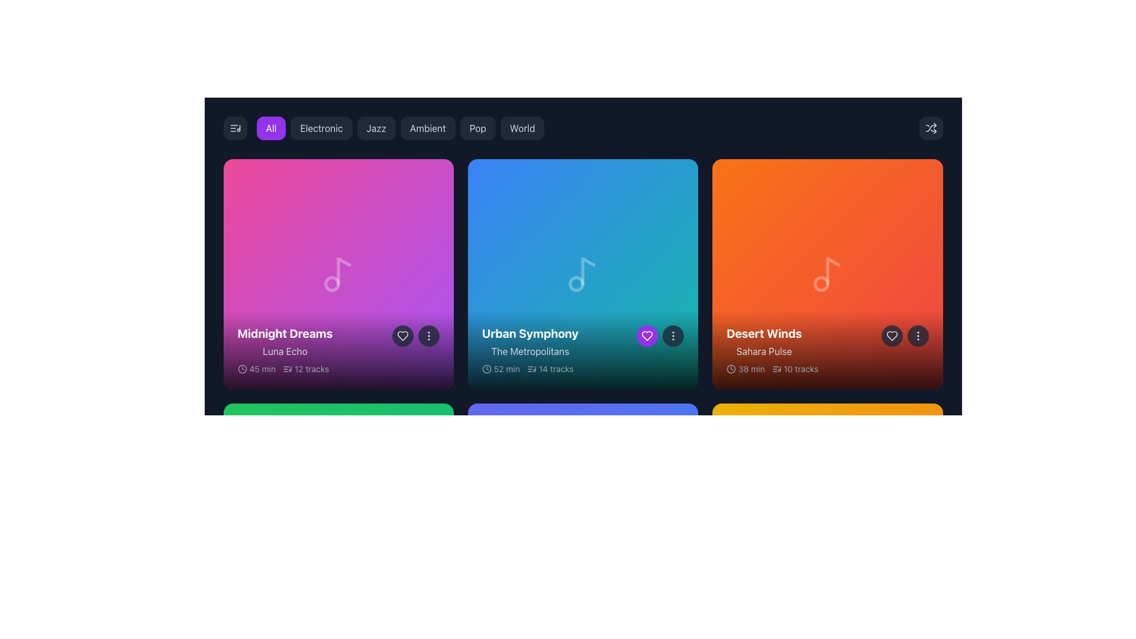 The width and height of the screenshot is (1136, 639). Describe the element at coordinates (576, 283) in the screenshot. I see `the small circular decorative graphic element within the music note icon of the 'Urban Symphony' album card, which is centrally located on the blue gradient background` at that location.